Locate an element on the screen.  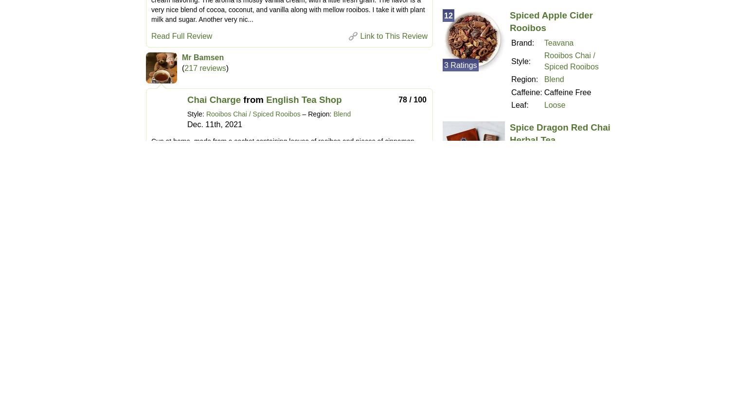
'84 / 100' is located at coordinates (398, 365).